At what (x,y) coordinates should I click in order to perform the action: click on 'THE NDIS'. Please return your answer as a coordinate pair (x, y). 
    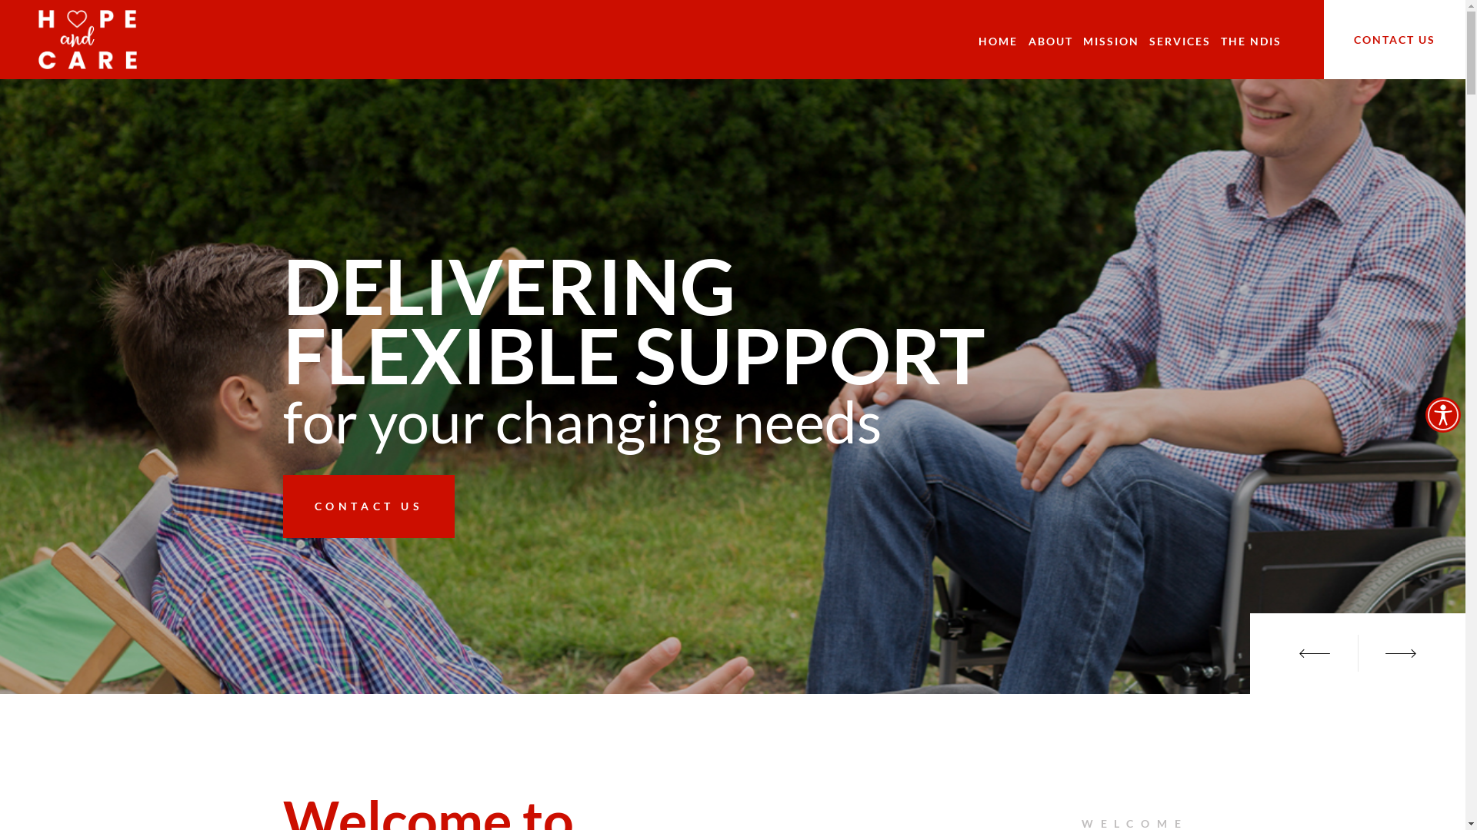
    Looking at the image, I should click on (1251, 40).